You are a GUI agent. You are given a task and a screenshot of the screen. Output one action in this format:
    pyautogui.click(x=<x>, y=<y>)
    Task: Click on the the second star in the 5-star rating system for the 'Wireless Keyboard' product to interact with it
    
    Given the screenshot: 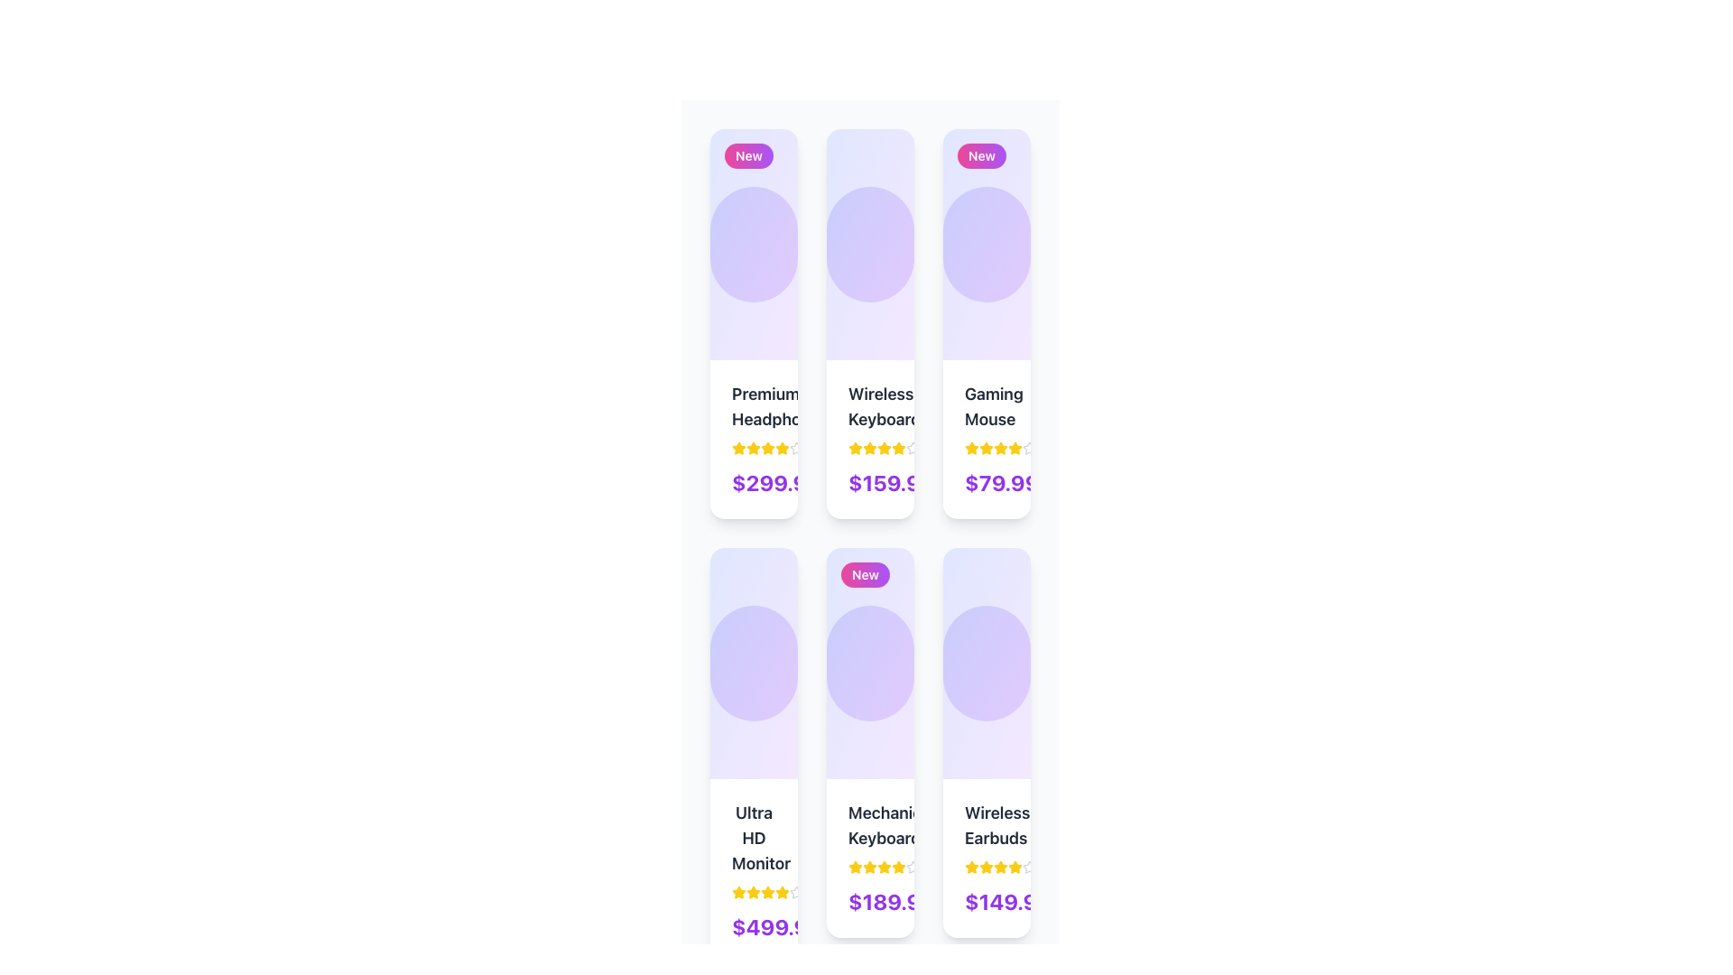 What is the action you would take?
    pyautogui.click(x=855, y=447)
    